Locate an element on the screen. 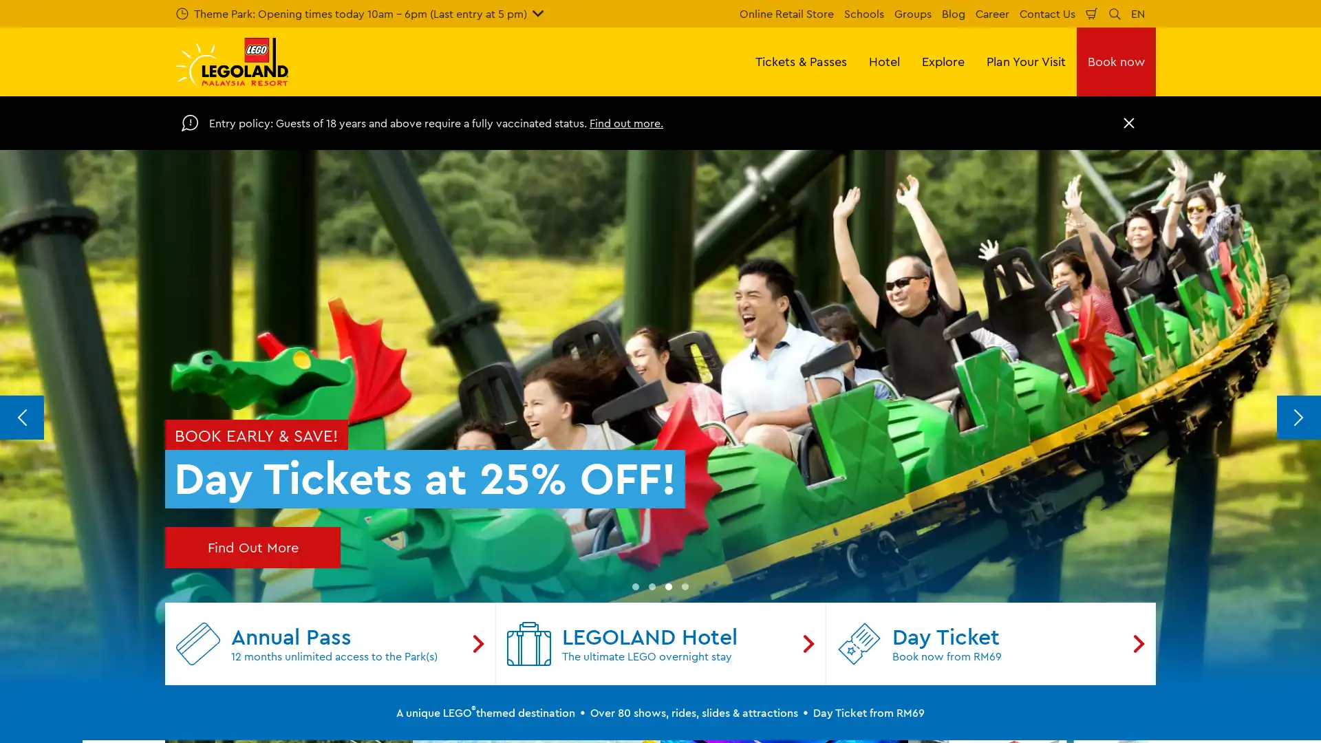 The width and height of the screenshot is (1321, 743). Go to slide 2 is located at coordinates (652, 586).